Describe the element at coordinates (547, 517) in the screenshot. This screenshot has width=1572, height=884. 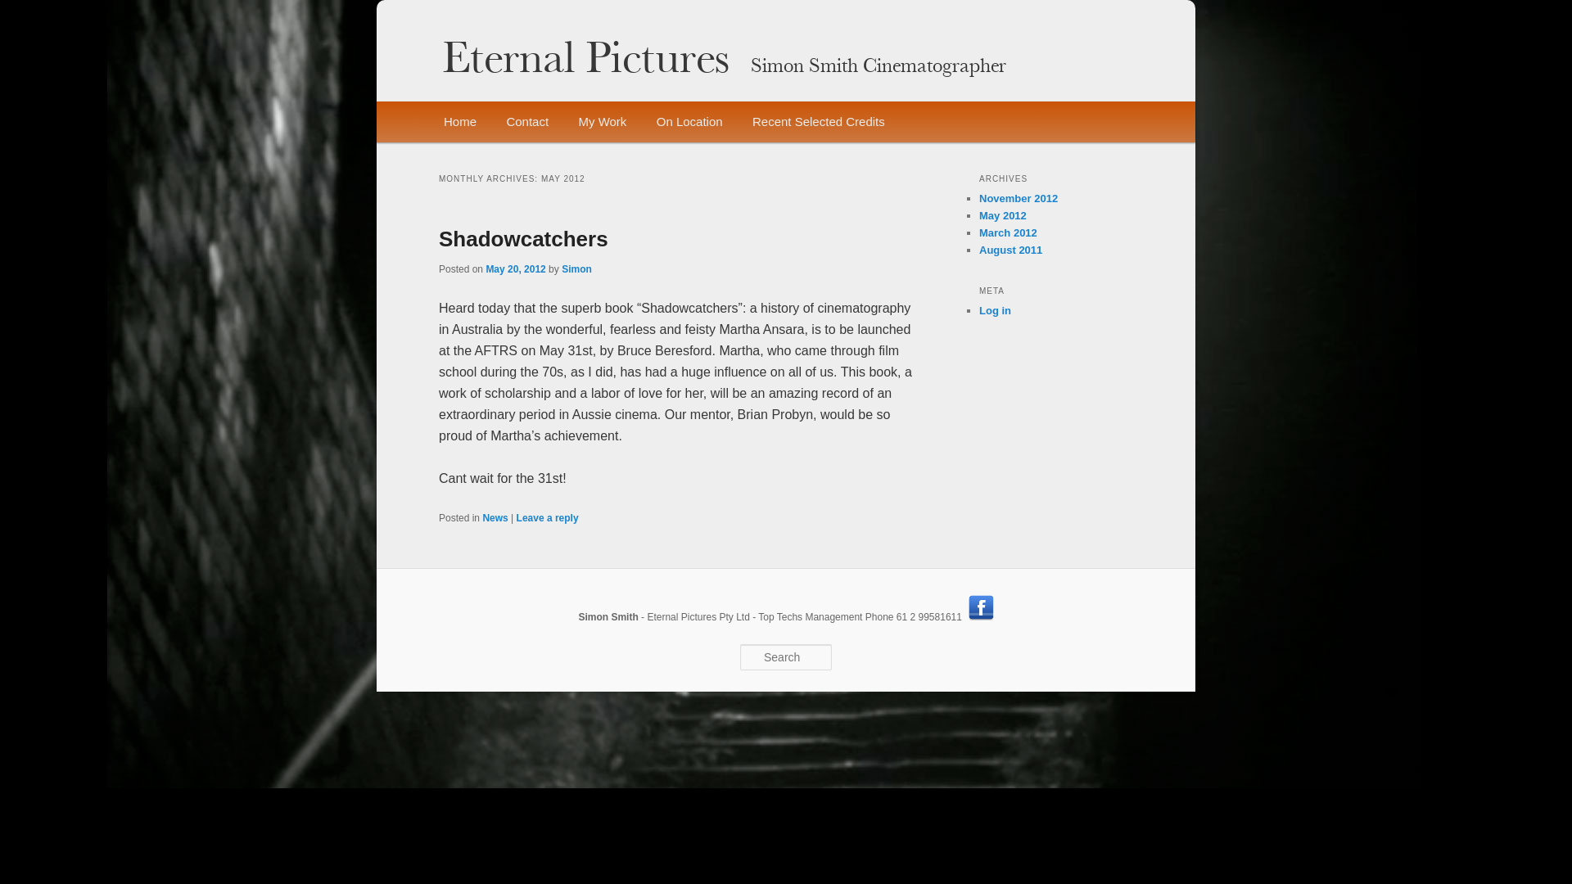
I see `'Leave a reply'` at that location.